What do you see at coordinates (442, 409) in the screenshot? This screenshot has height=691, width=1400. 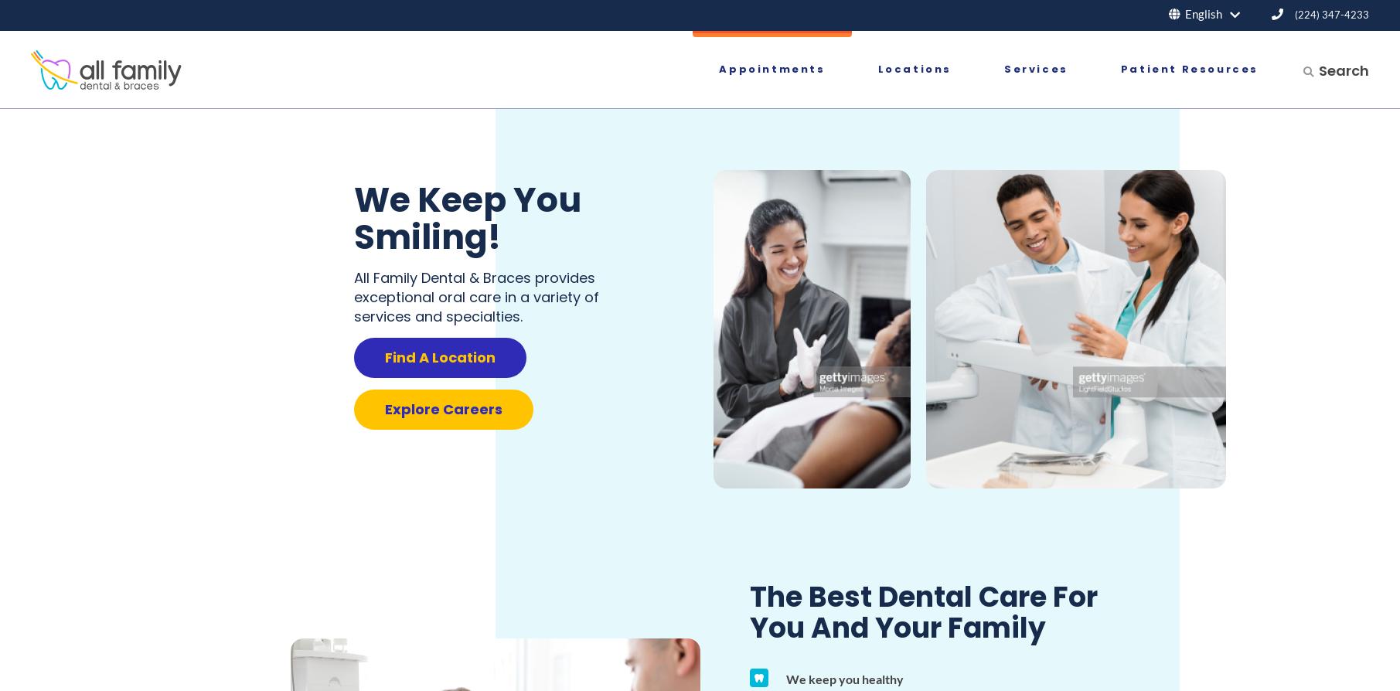 I see `'Explore Careers'` at bounding box center [442, 409].